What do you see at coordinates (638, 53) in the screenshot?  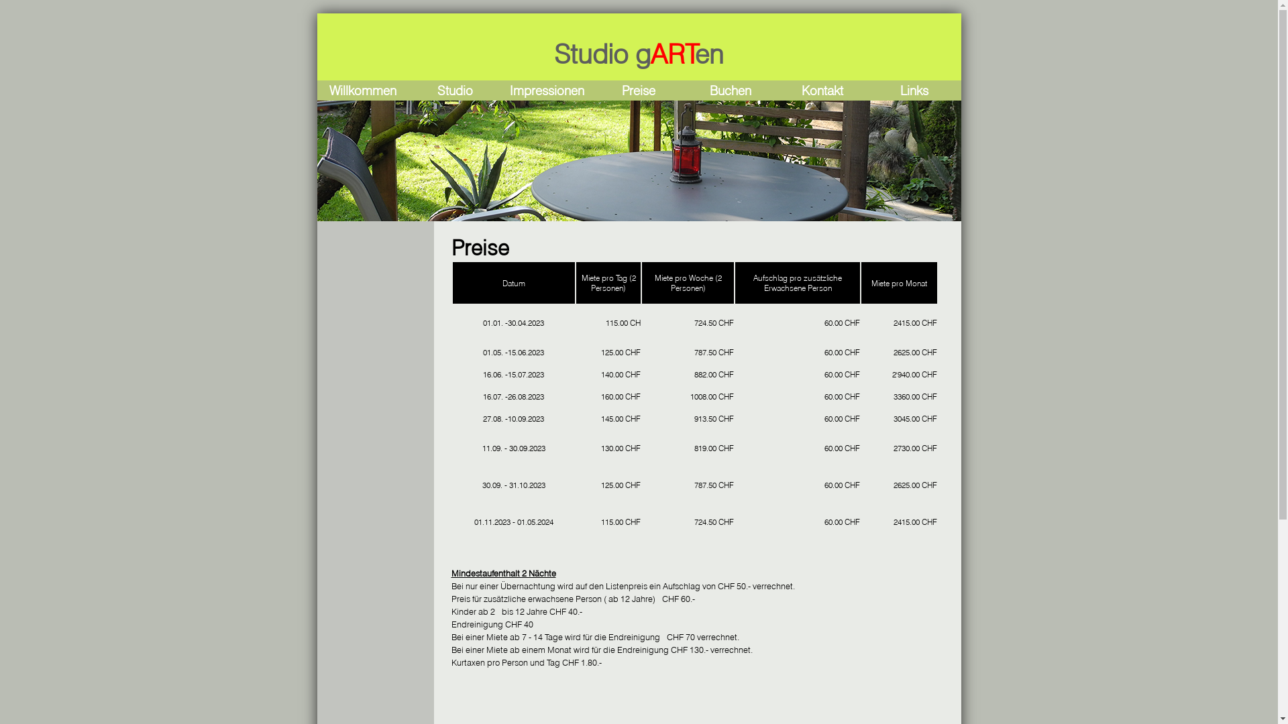 I see `'Studio gARTen'` at bounding box center [638, 53].